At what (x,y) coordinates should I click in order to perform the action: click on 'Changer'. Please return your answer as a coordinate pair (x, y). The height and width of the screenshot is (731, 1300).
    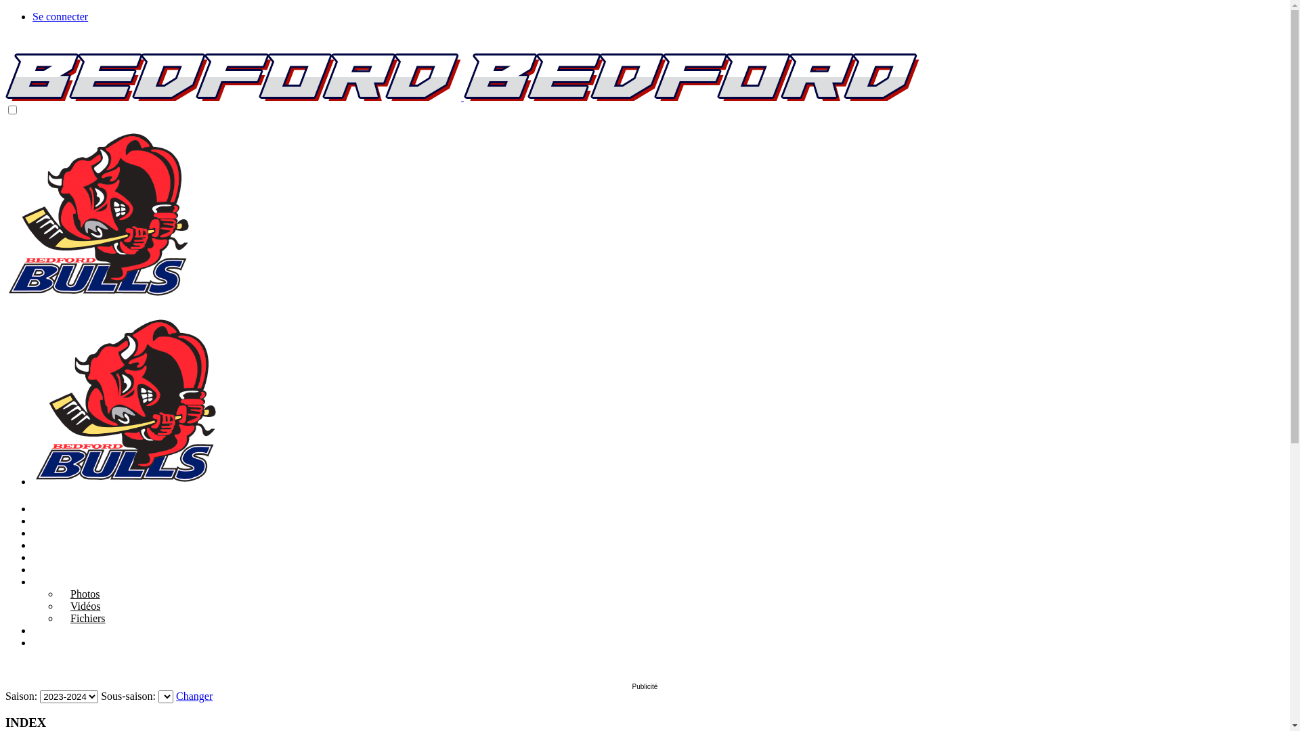
    Looking at the image, I should click on (194, 696).